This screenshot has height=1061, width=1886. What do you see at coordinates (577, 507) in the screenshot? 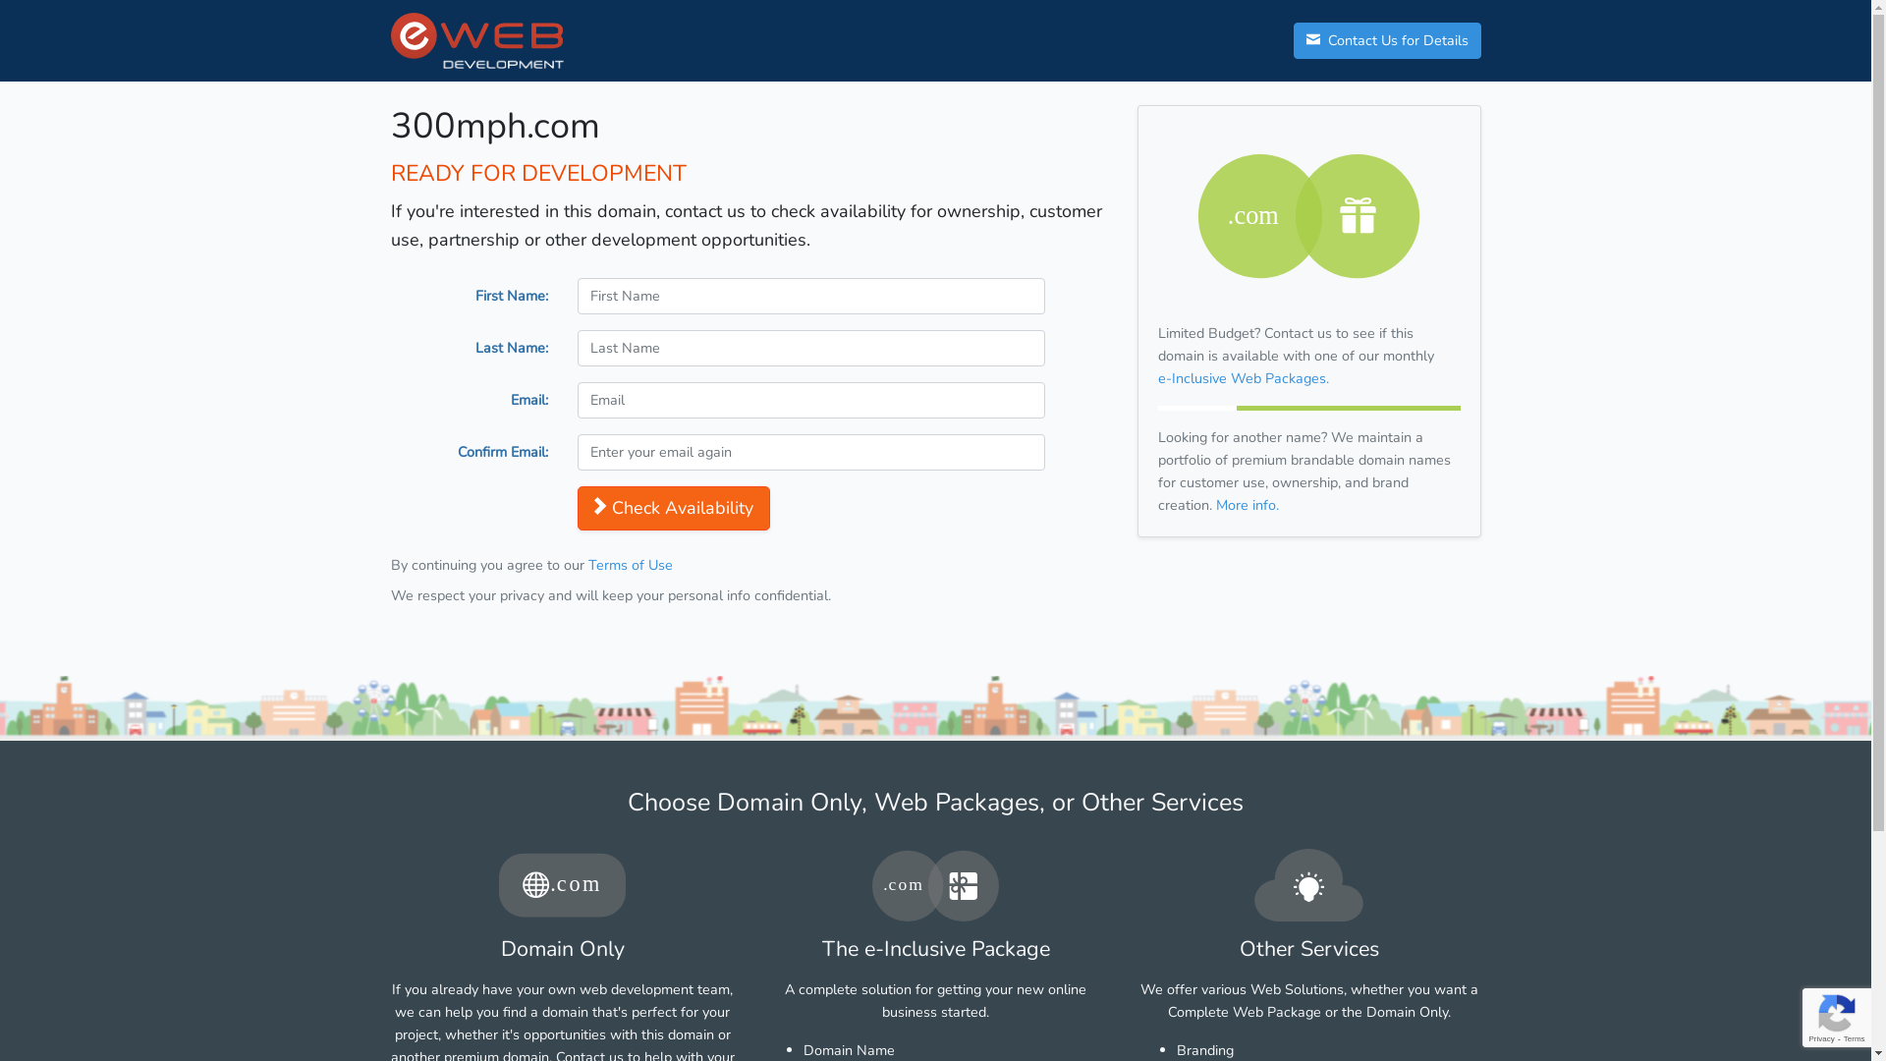
I see `'Check Availability'` at bounding box center [577, 507].